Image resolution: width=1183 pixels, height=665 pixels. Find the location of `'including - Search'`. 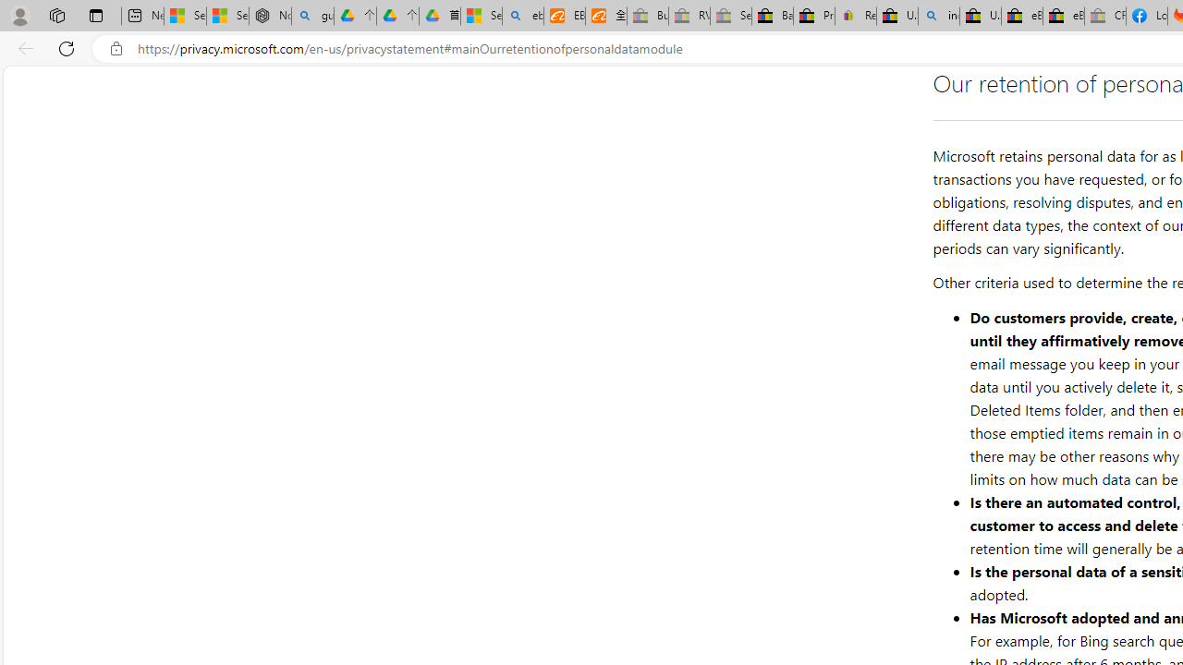

'including - Search' is located at coordinates (939, 16).